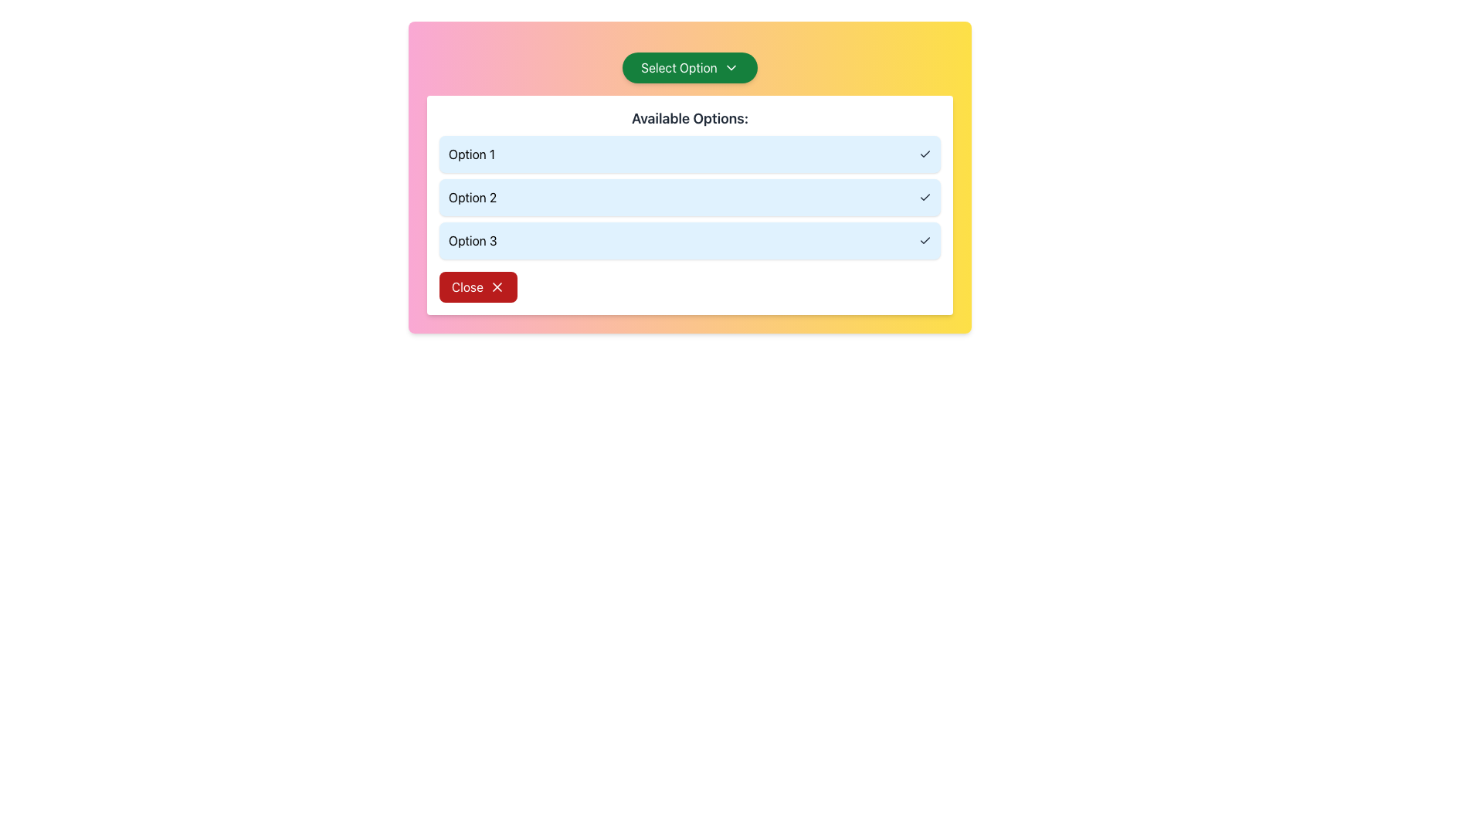 This screenshot has height=834, width=1483. What do you see at coordinates (497, 286) in the screenshot?
I see `the 'X' shaped icon within the red 'Close' button located at the bottom left of the modal dialog box` at bounding box center [497, 286].